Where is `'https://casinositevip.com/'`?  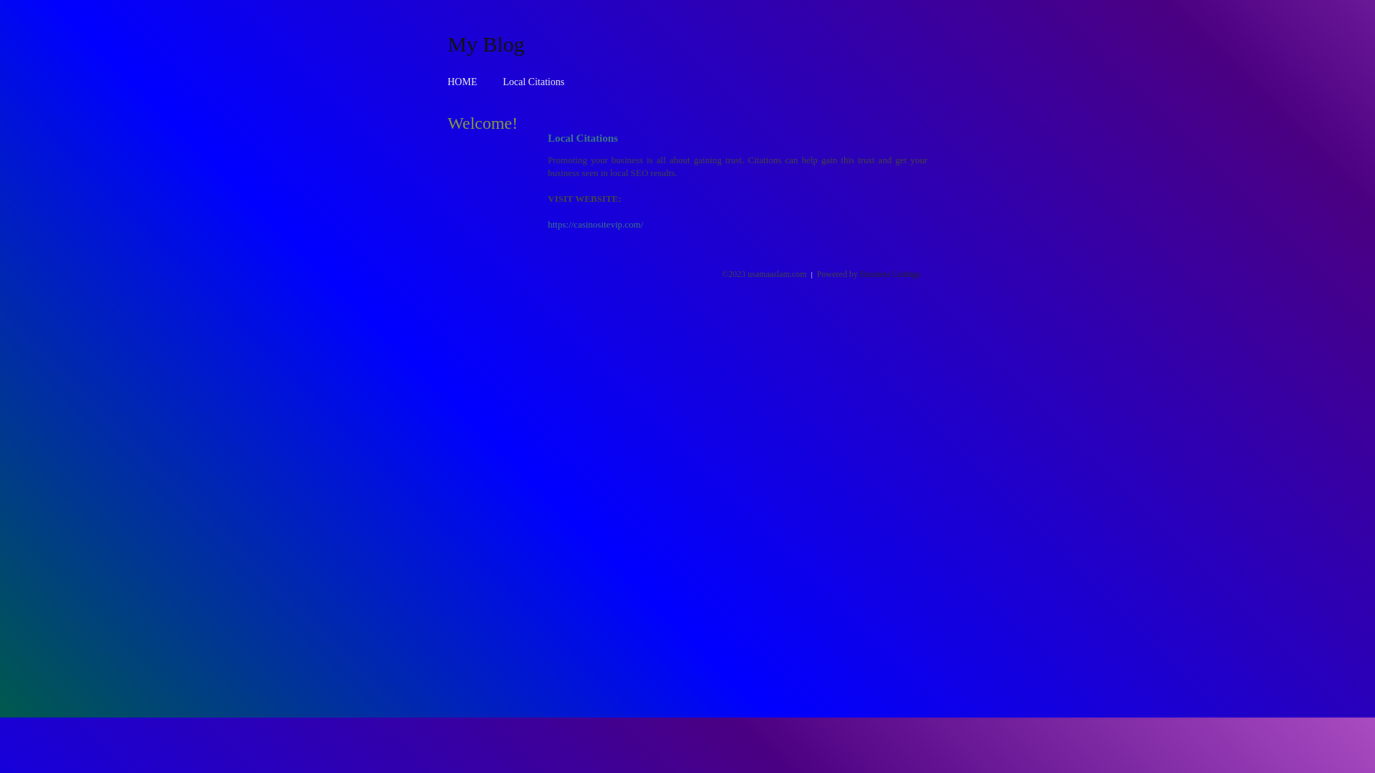 'https://casinositevip.com/' is located at coordinates (546, 224).